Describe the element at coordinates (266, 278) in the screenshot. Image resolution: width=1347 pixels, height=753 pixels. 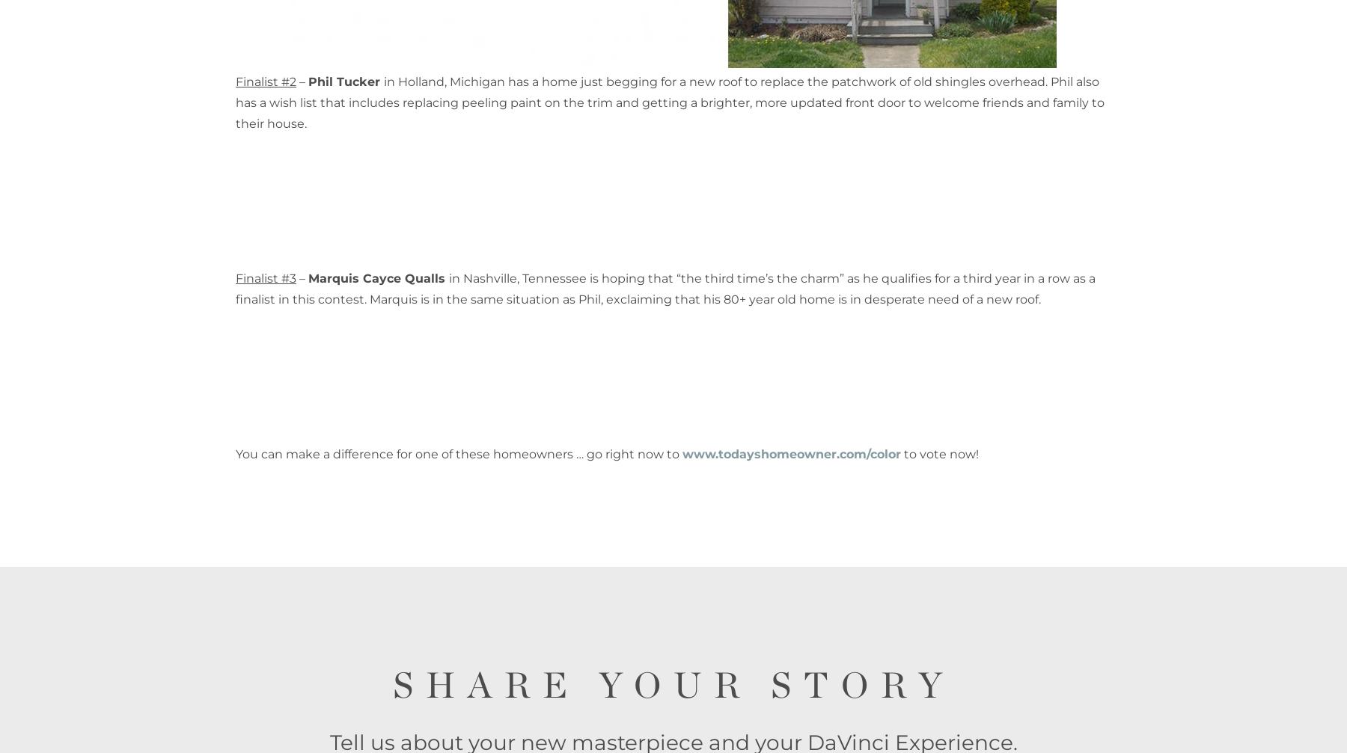
I see `'Finalist #3'` at that location.